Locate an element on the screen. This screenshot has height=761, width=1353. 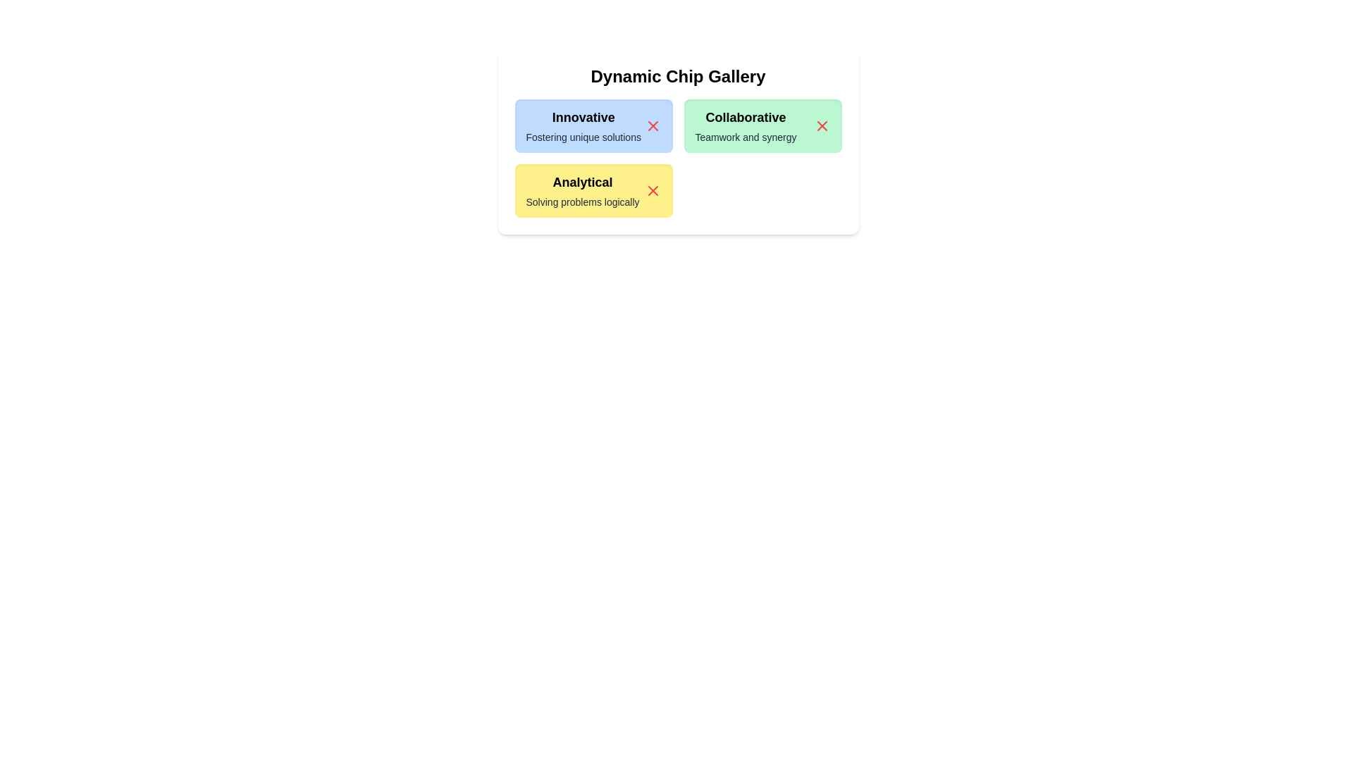
close button of the chip labeled Collaborative is located at coordinates (822, 125).